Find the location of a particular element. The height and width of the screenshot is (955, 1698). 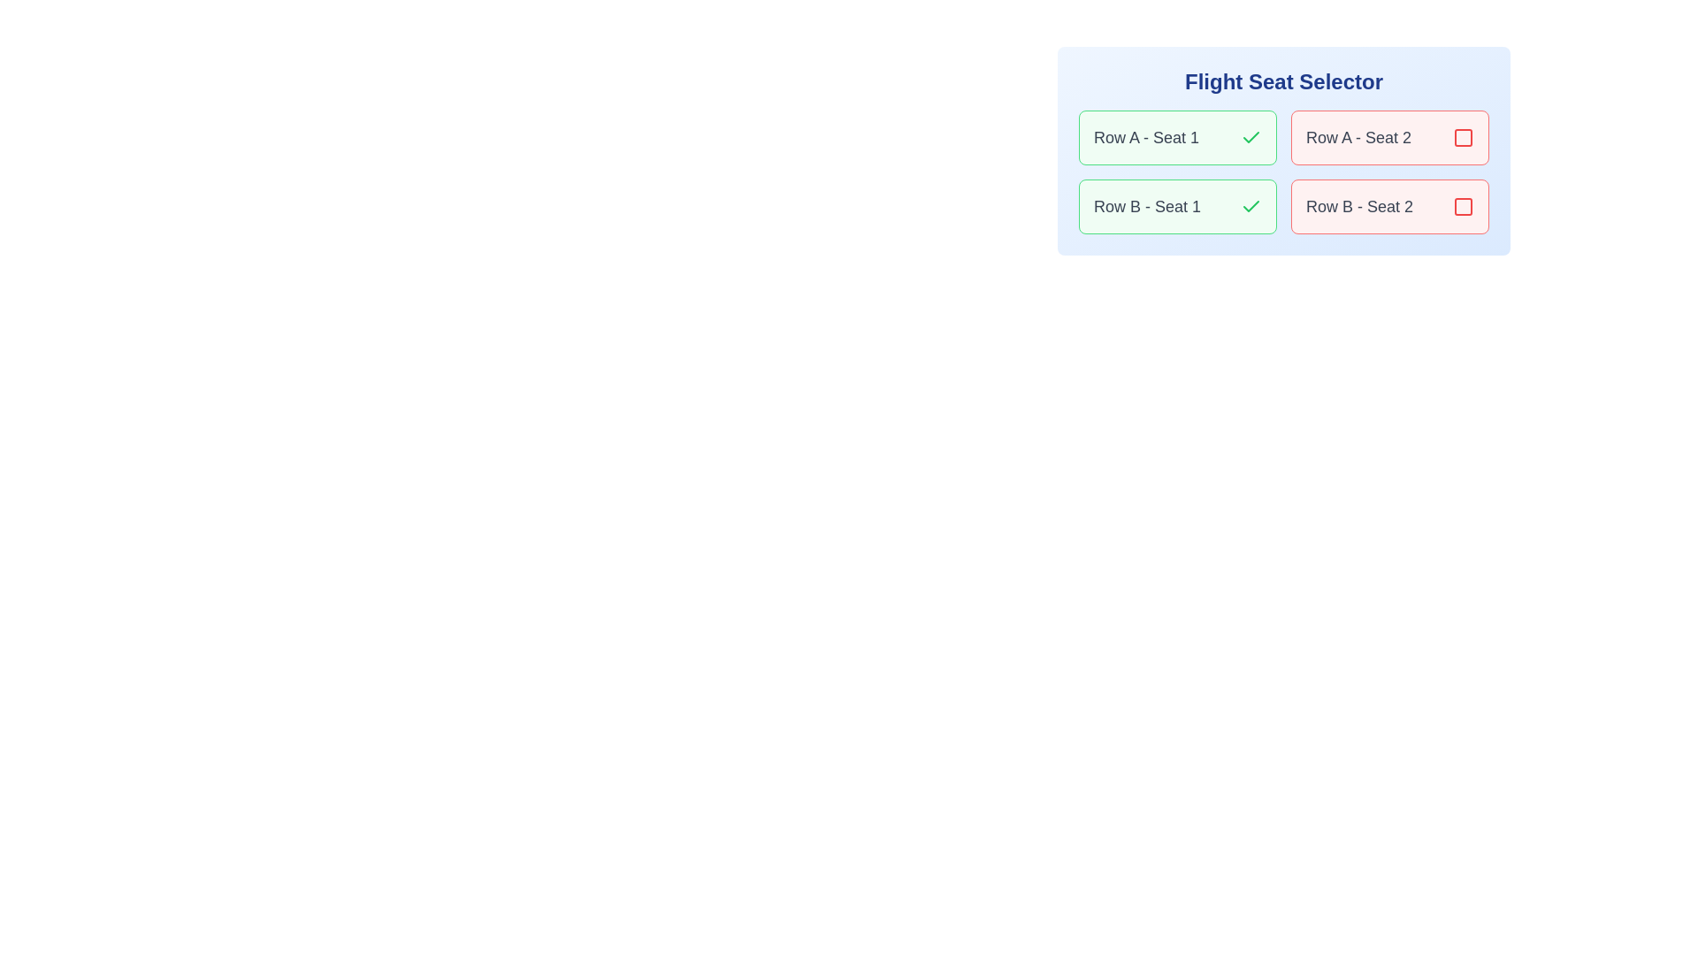

the Text Label that provides information about 'Row A - Seat 2', located in the top-right quadrant of the interface is located at coordinates (1358, 136).